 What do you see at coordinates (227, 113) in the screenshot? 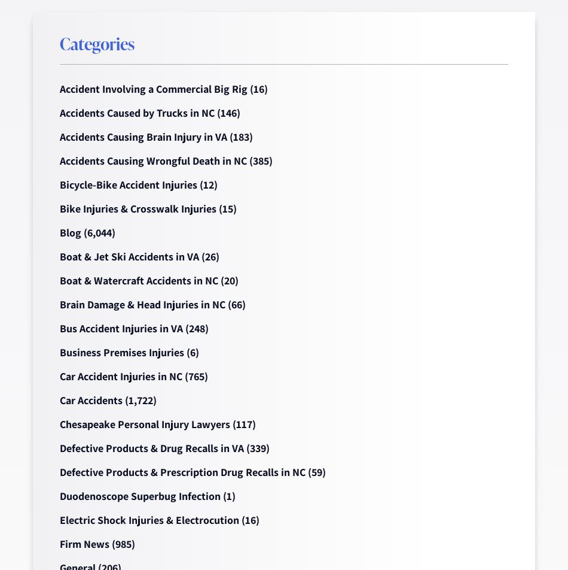
I see `'(146)'` at bounding box center [227, 113].